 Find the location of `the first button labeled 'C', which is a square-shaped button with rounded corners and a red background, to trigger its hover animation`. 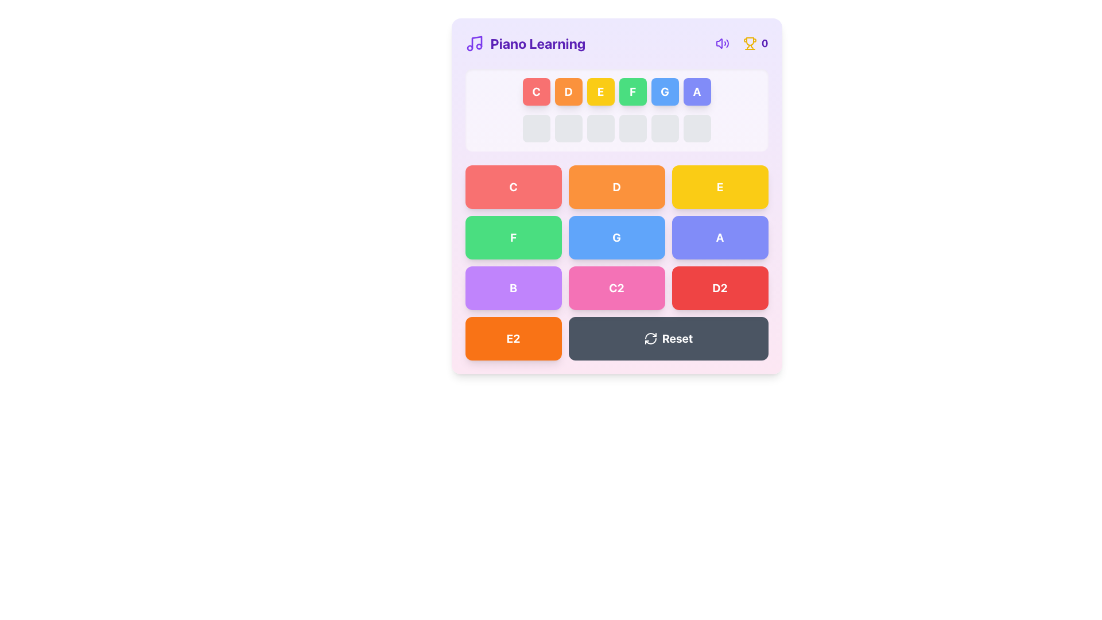

the first button labeled 'C', which is a square-shaped button with rounded corners and a red background, to trigger its hover animation is located at coordinates (536, 91).